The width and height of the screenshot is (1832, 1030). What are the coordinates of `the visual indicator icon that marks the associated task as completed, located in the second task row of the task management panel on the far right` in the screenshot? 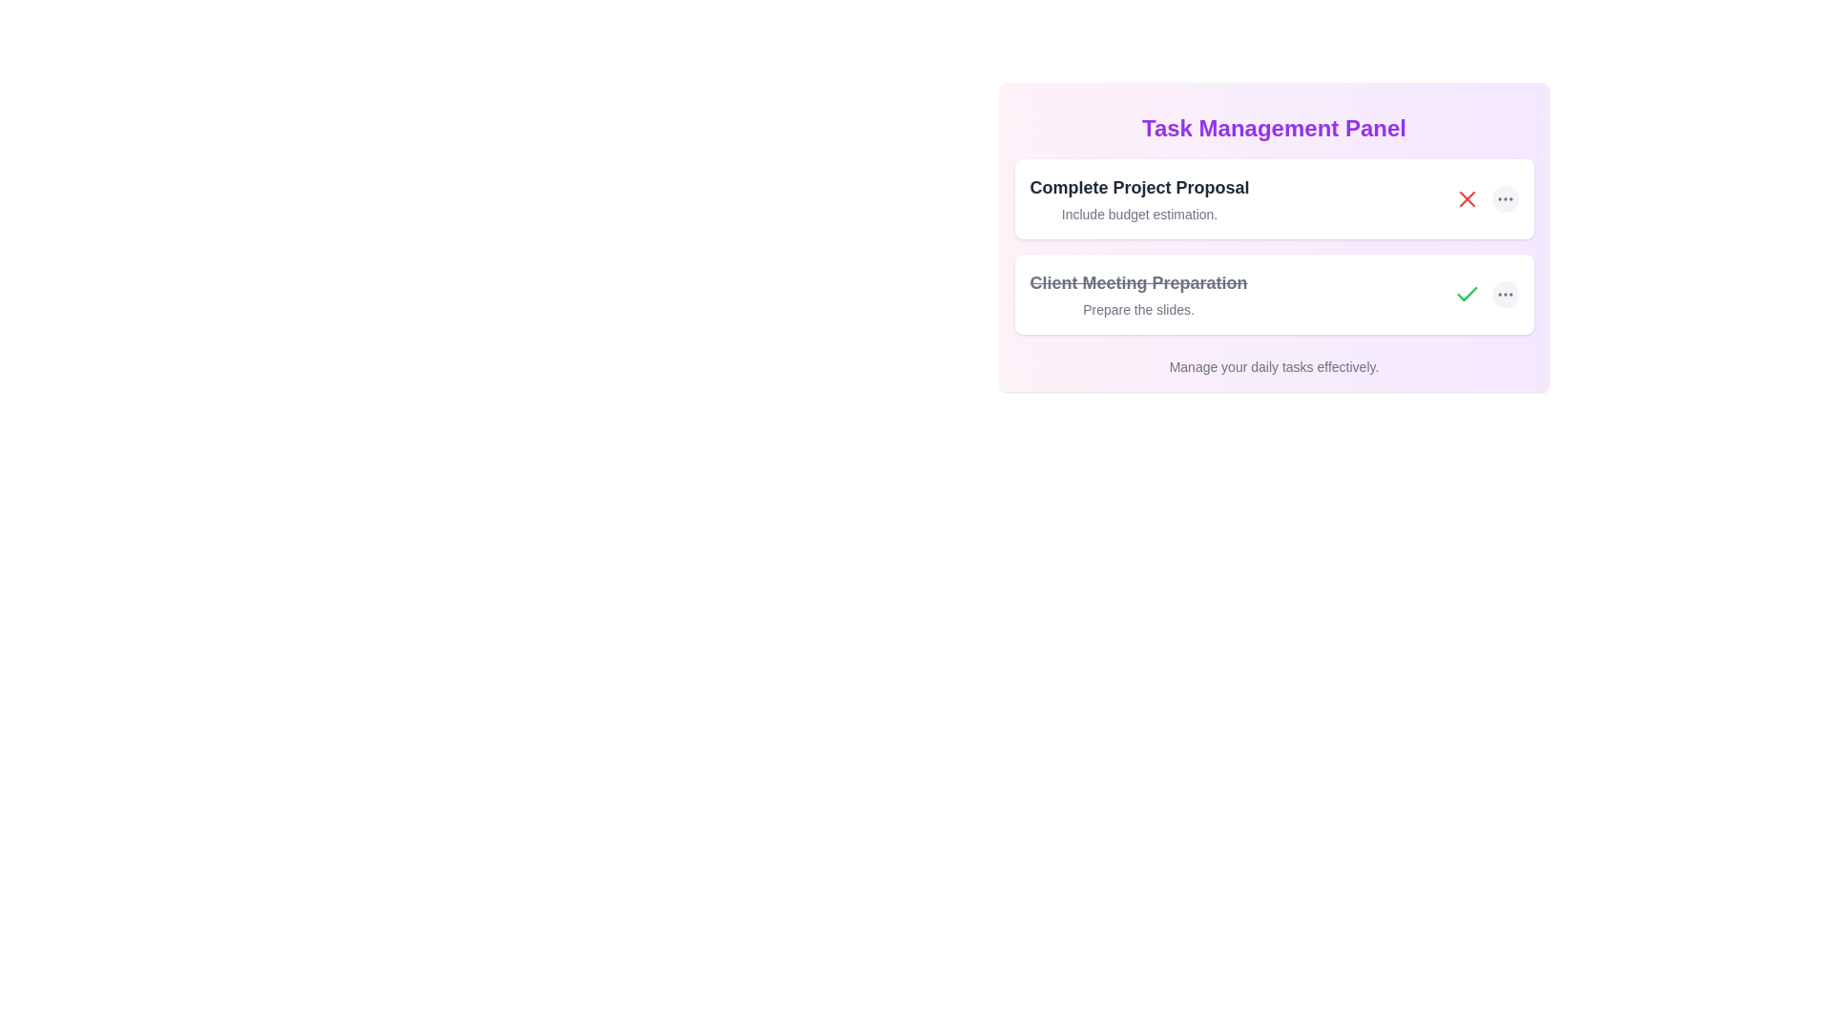 It's located at (1466, 294).